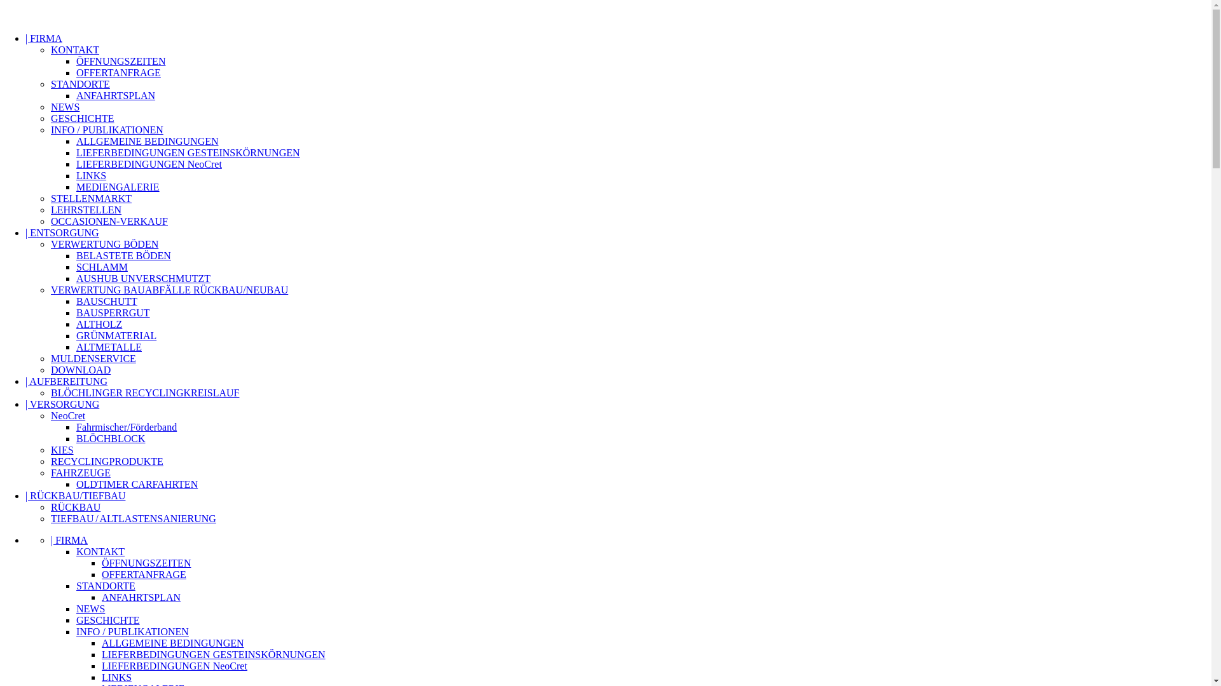 This screenshot has height=686, width=1221. I want to click on 'GESCHICHTE', so click(107, 619).